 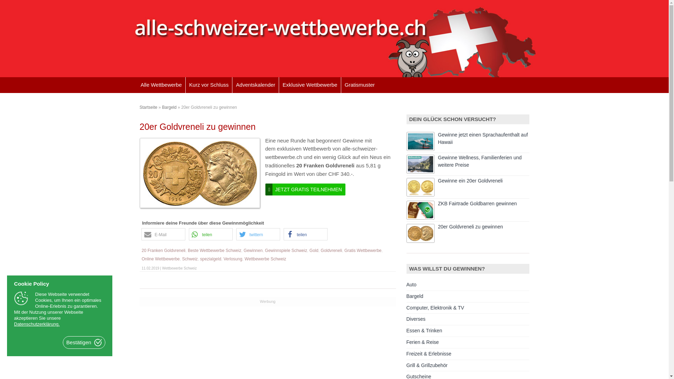 What do you see at coordinates (429, 353) in the screenshot?
I see `'Freizeit & Erlebnisse'` at bounding box center [429, 353].